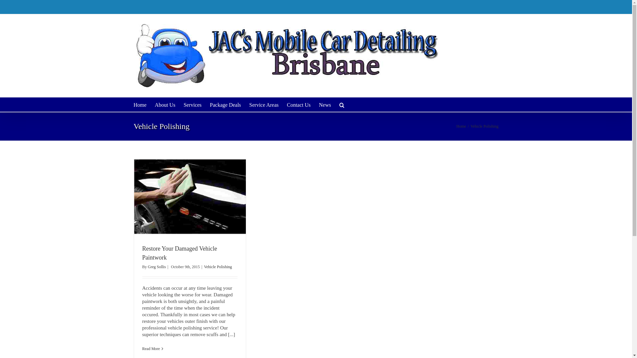  Describe the element at coordinates (165, 104) in the screenshot. I see `'About Us'` at that location.